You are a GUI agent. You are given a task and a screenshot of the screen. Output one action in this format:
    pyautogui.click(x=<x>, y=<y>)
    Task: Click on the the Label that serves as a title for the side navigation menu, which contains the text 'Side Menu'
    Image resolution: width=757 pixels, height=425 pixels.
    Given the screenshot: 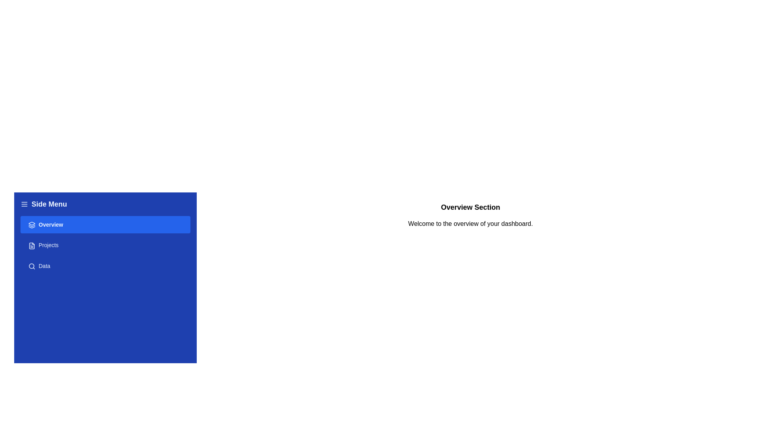 What is the action you would take?
    pyautogui.click(x=48, y=204)
    